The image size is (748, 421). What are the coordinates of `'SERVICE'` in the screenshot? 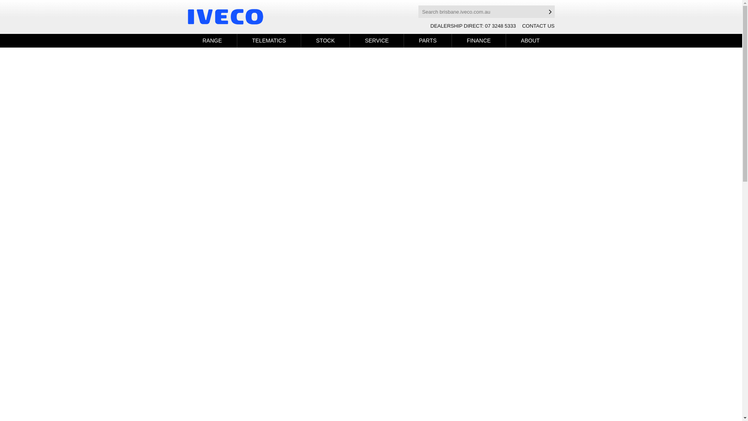 It's located at (376, 41).